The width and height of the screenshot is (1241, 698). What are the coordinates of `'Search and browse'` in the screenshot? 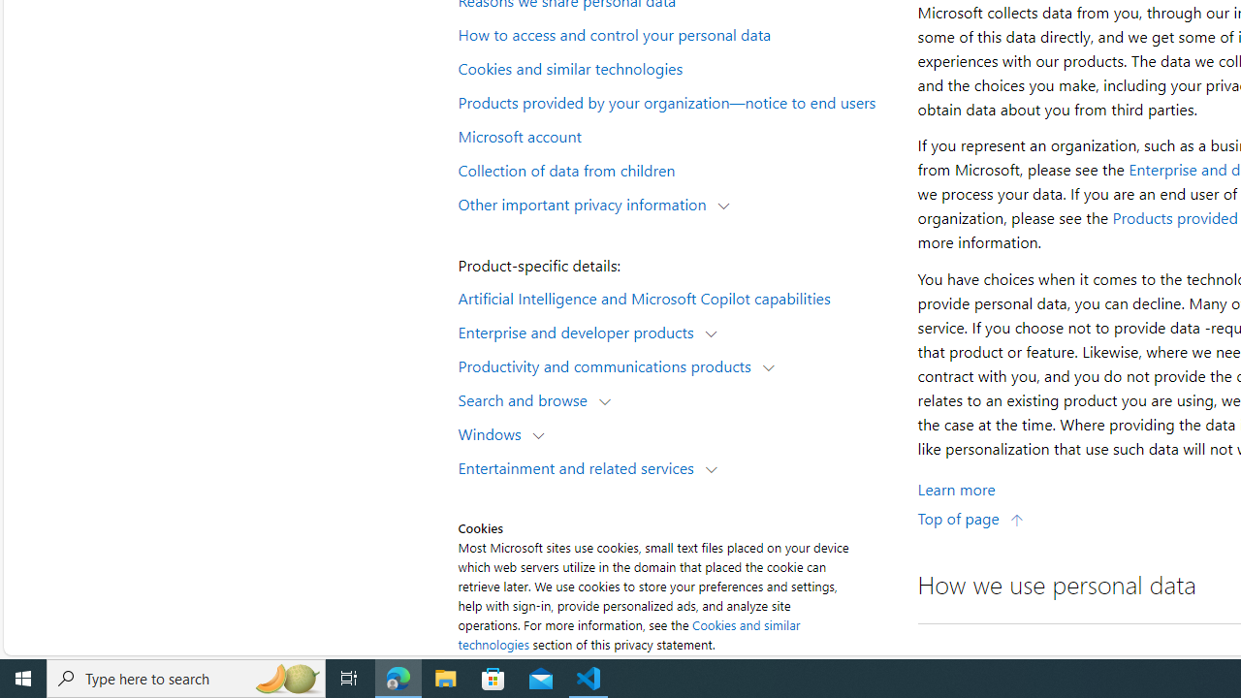 It's located at (527, 398).